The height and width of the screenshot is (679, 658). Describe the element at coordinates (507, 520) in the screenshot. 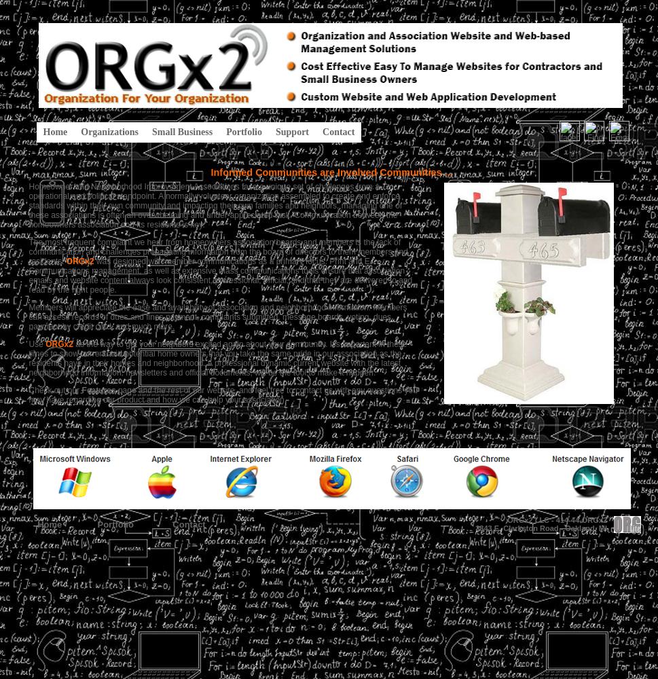

I see `'ORGx2 LLC - 414-44-ORGx2'` at that location.